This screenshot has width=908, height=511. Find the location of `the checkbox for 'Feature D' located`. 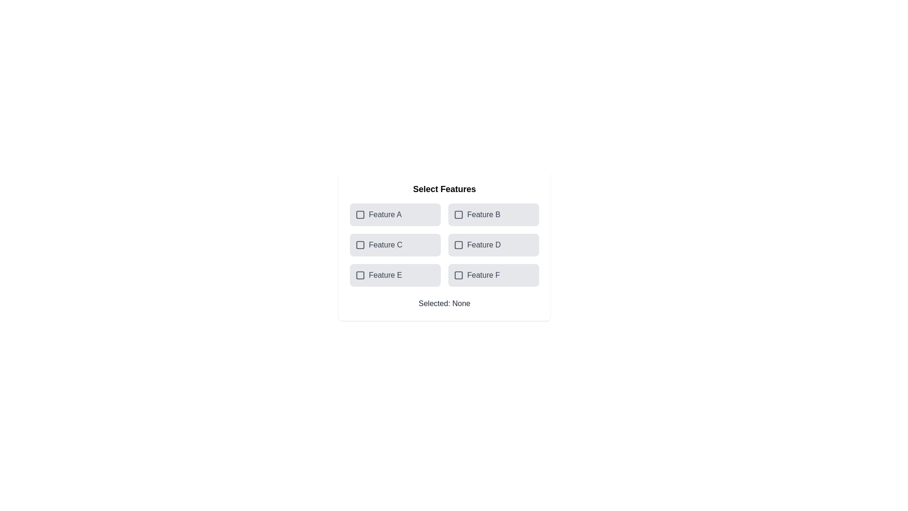

the checkbox for 'Feature D' located is located at coordinates (458, 244).